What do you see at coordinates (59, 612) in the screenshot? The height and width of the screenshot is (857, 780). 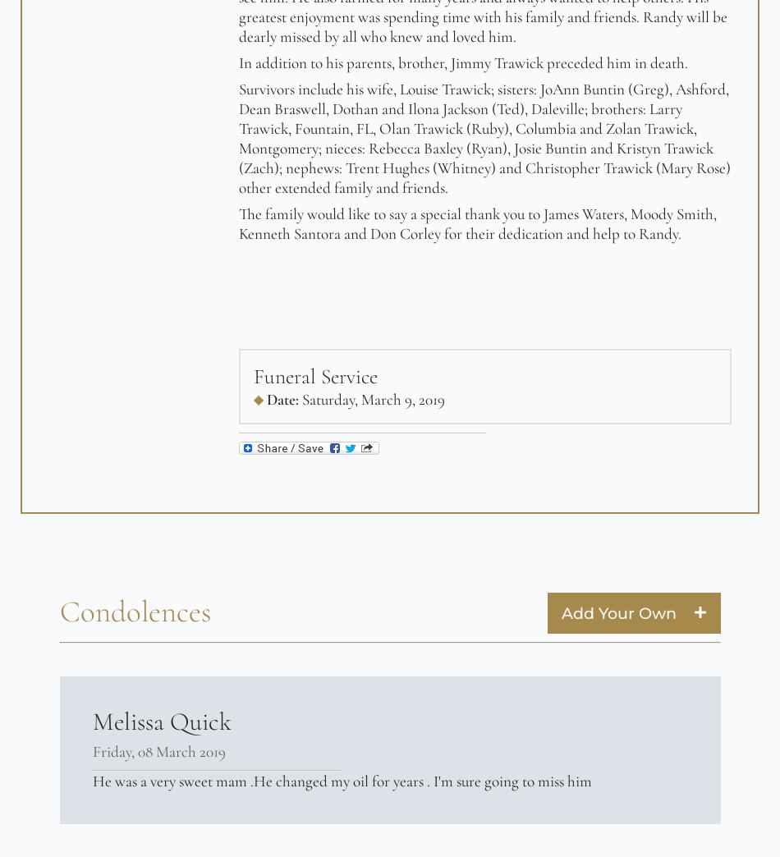 I see `'Condolences'` at bounding box center [59, 612].